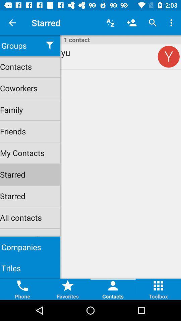 This screenshot has height=321, width=181. What do you see at coordinates (168, 56) in the screenshot?
I see `the red button in the page` at bounding box center [168, 56].